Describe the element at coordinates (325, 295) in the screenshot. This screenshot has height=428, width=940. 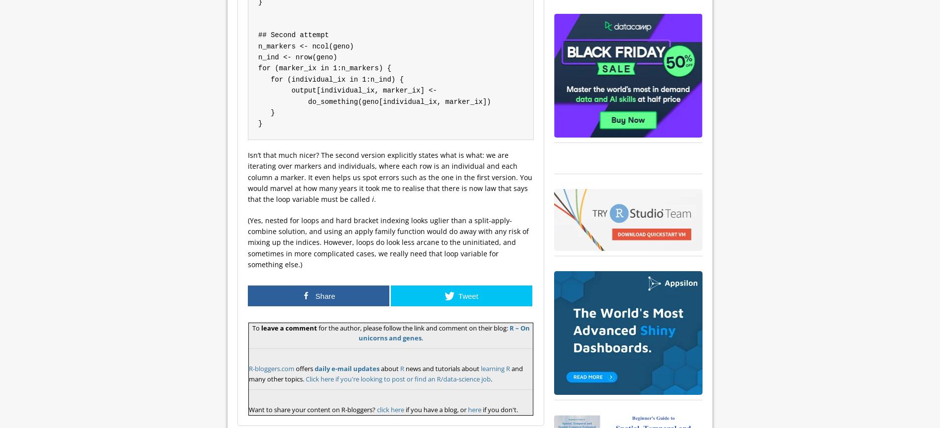
I see `'Share'` at that location.